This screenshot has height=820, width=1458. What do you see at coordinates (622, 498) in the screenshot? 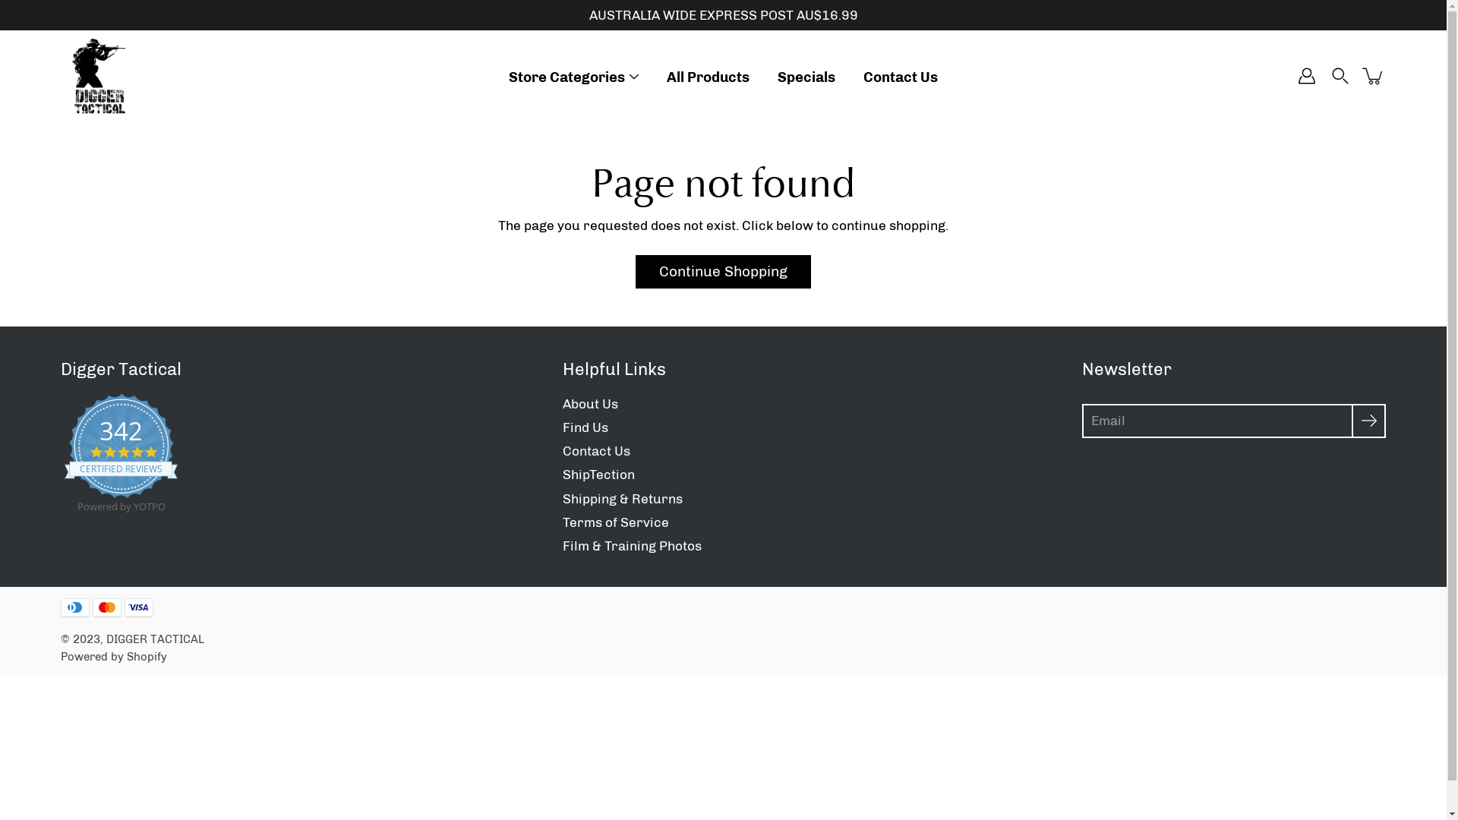
I see `'Shipping & Returns'` at bounding box center [622, 498].